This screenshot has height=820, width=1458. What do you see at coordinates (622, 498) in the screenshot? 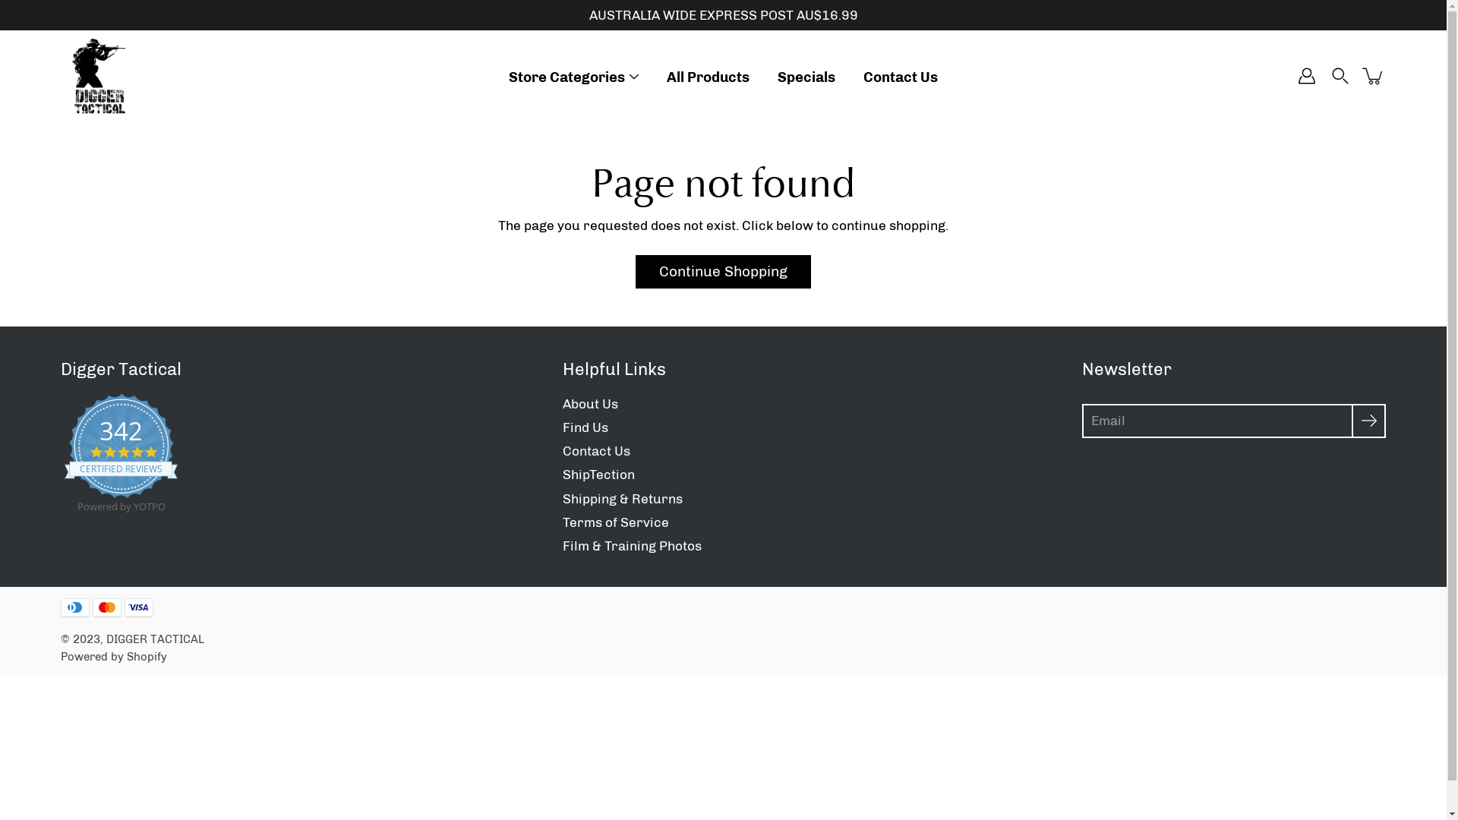
I see `'Shipping & Returns'` at bounding box center [622, 498].